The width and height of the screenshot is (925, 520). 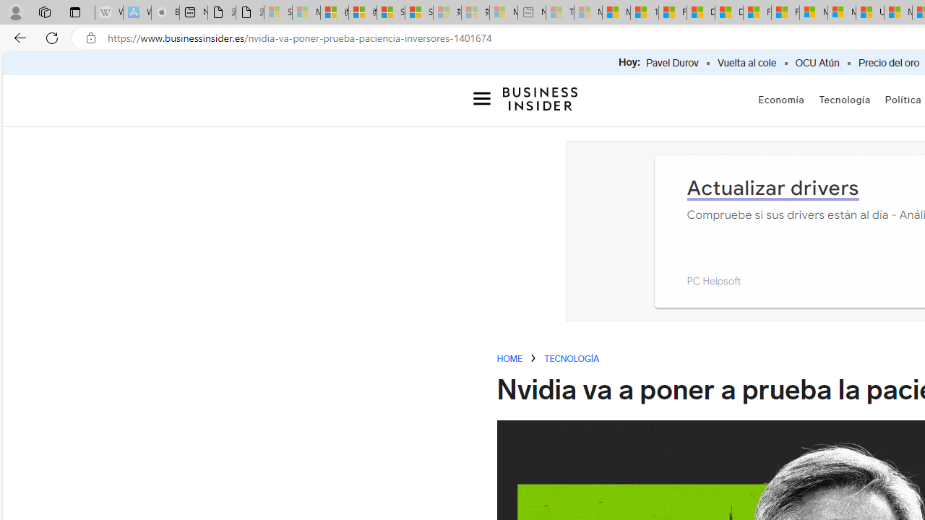 I want to click on 'Actualizar drivers', so click(x=772, y=186).